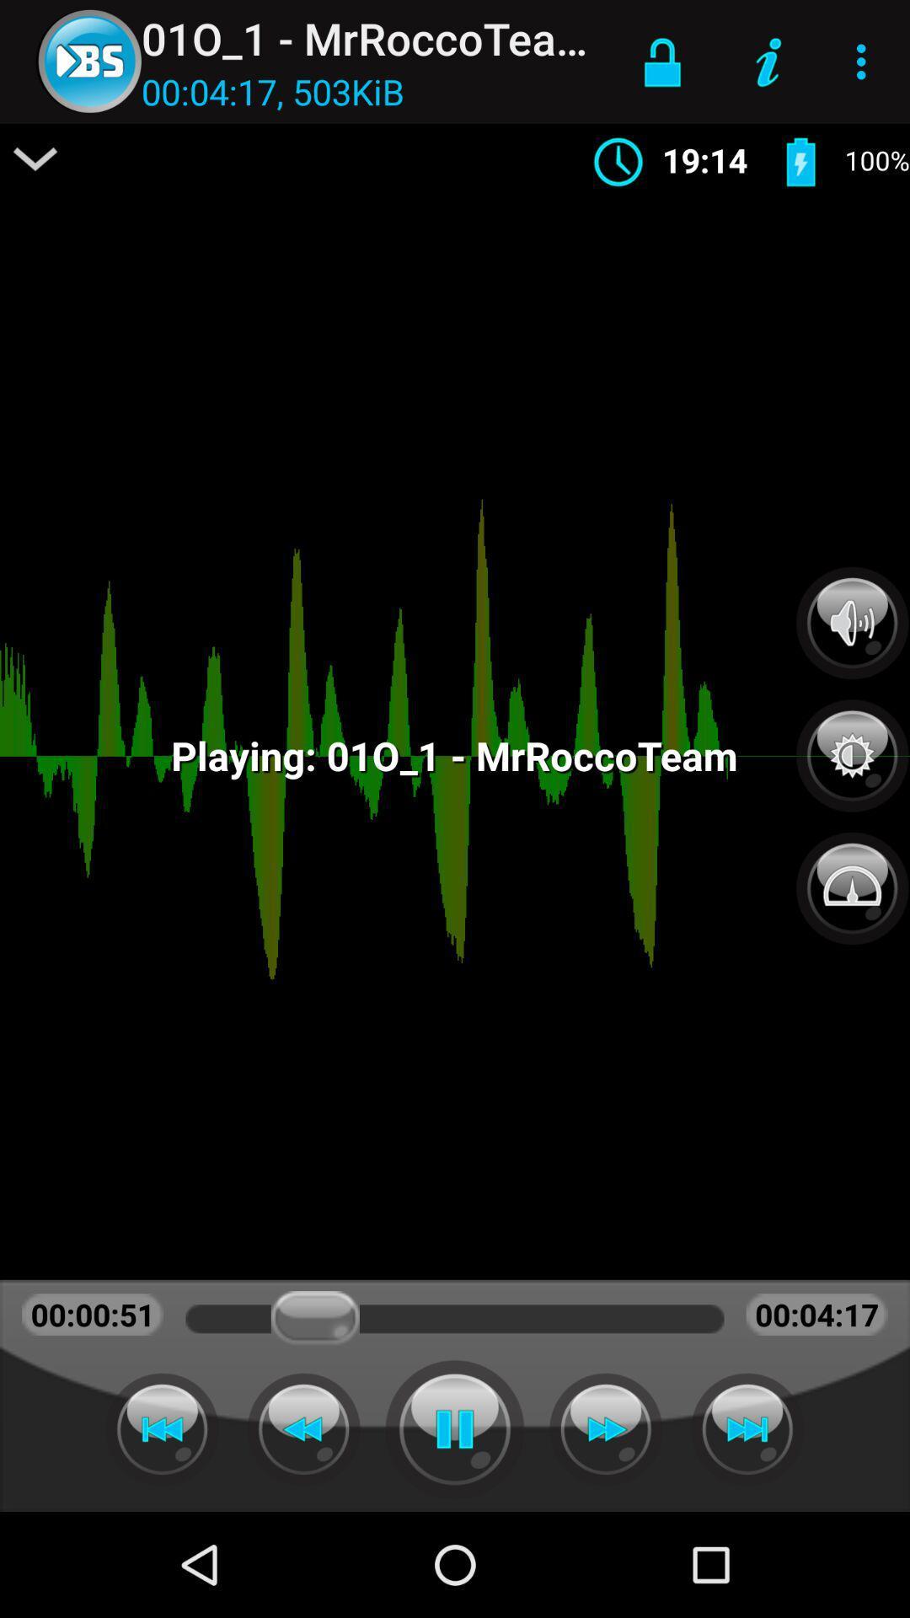 This screenshot has height=1618, width=910. Describe the element at coordinates (35, 158) in the screenshot. I see `app to the left of 00 04 17` at that location.